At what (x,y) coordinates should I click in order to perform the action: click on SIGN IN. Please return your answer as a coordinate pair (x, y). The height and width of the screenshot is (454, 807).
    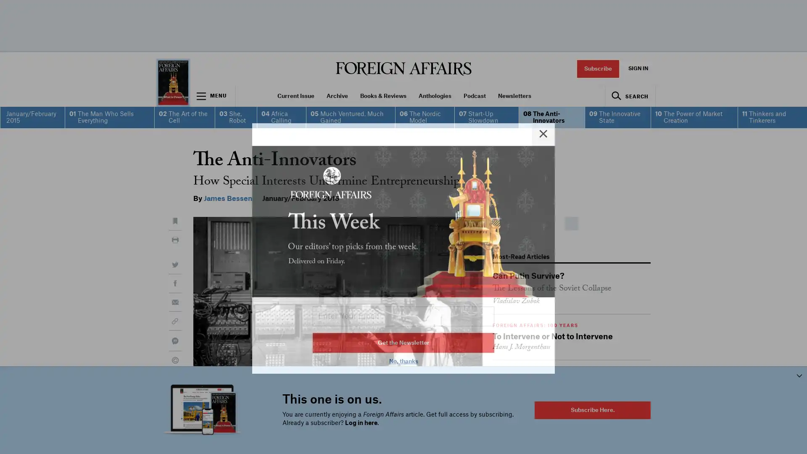
    Looking at the image, I should click on (638, 68).